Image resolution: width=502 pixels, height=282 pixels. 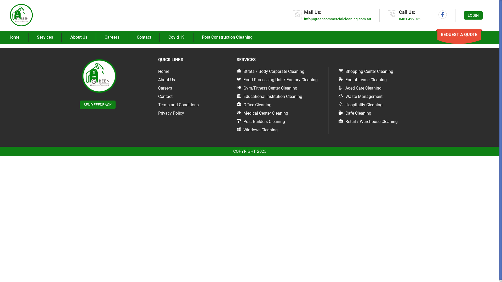 What do you see at coordinates (464, 15) in the screenshot?
I see `'LOGIN'` at bounding box center [464, 15].